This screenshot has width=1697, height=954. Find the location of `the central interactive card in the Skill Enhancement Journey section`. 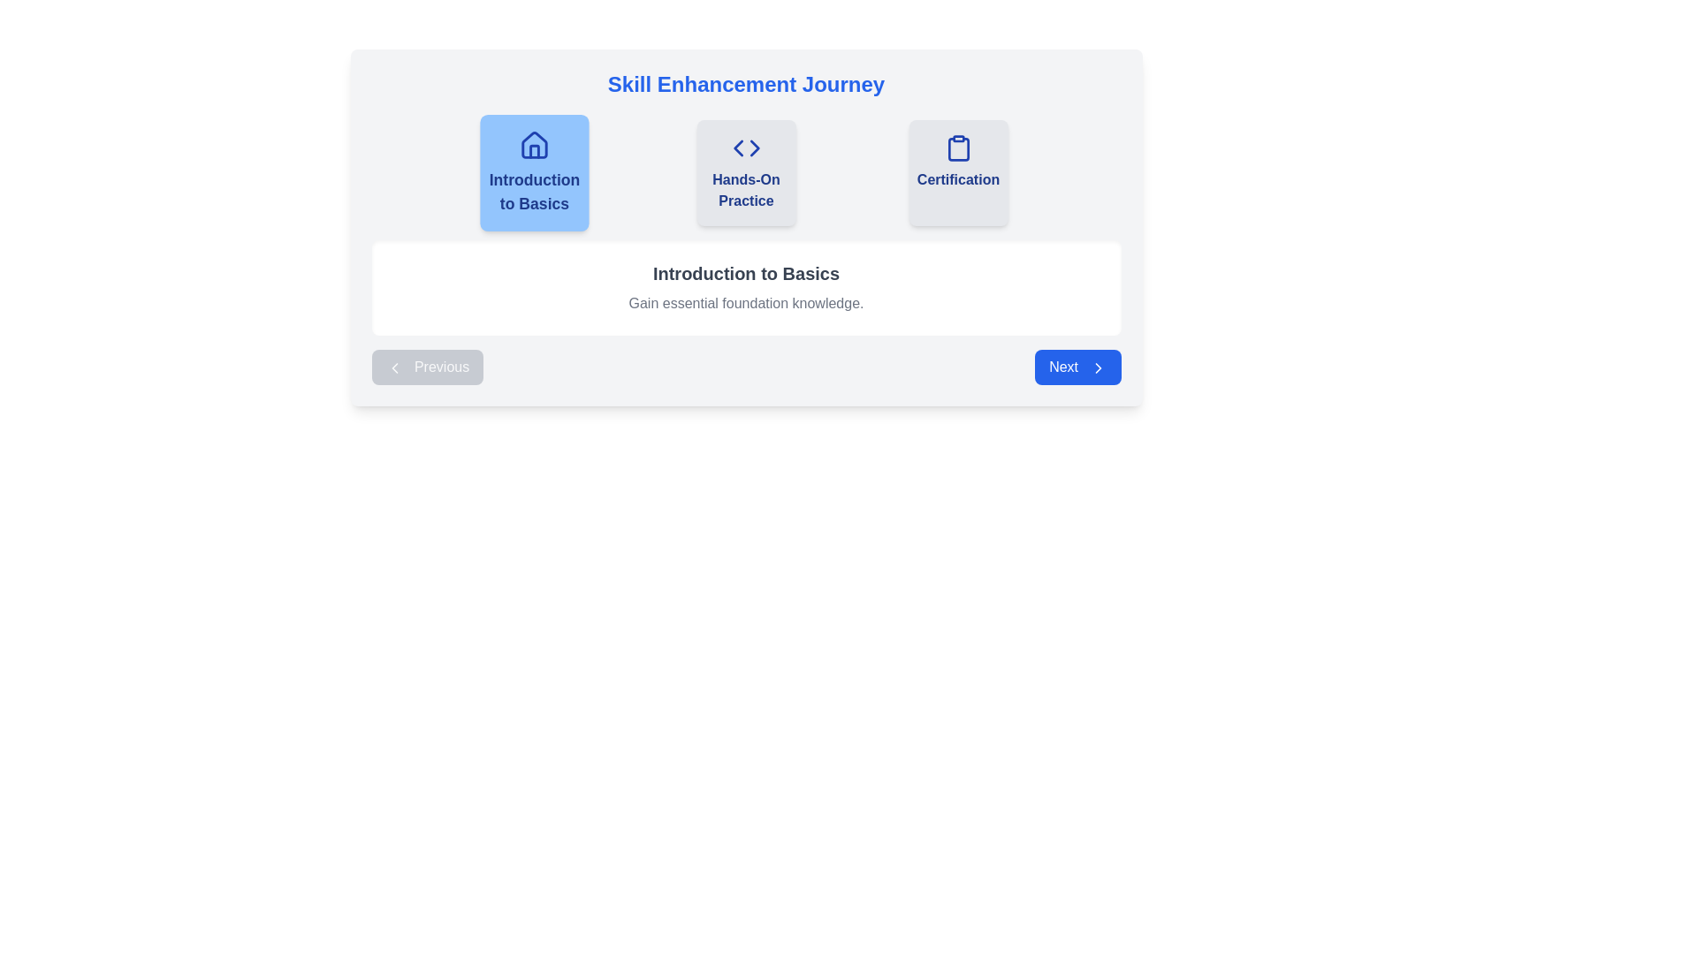

the central interactive card in the Skill Enhancement Journey section is located at coordinates (746, 227).